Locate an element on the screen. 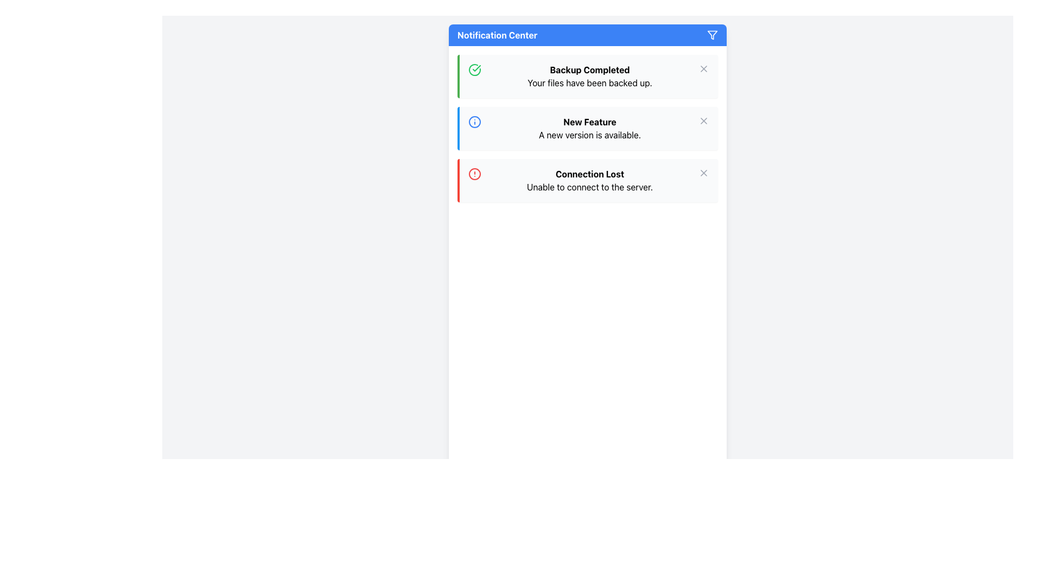 The image size is (1042, 586). detailed success message Text label located beneath the 'Backup Completed' message in the top notification of the notification center is located at coordinates (589, 82).